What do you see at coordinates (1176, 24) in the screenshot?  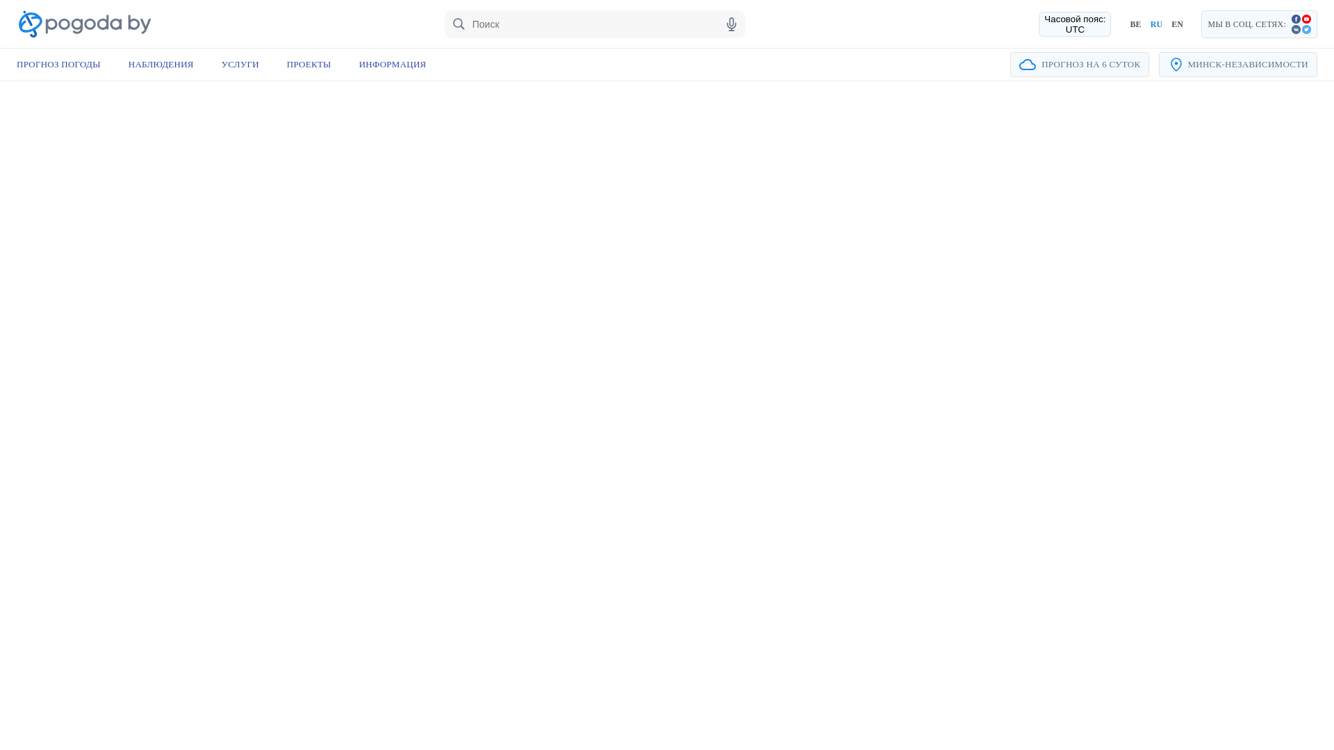 I see `'EN'` at bounding box center [1176, 24].